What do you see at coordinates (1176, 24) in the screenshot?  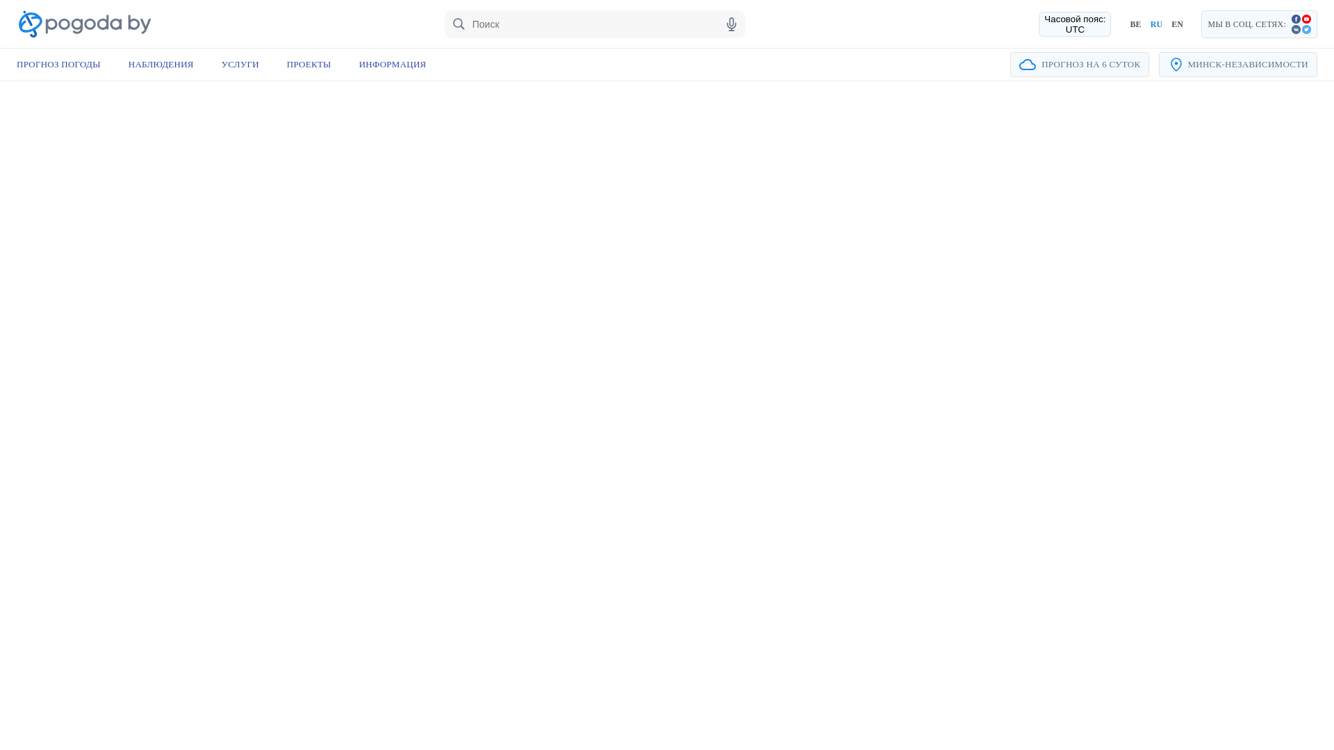 I see `'EN'` at bounding box center [1176, 24].